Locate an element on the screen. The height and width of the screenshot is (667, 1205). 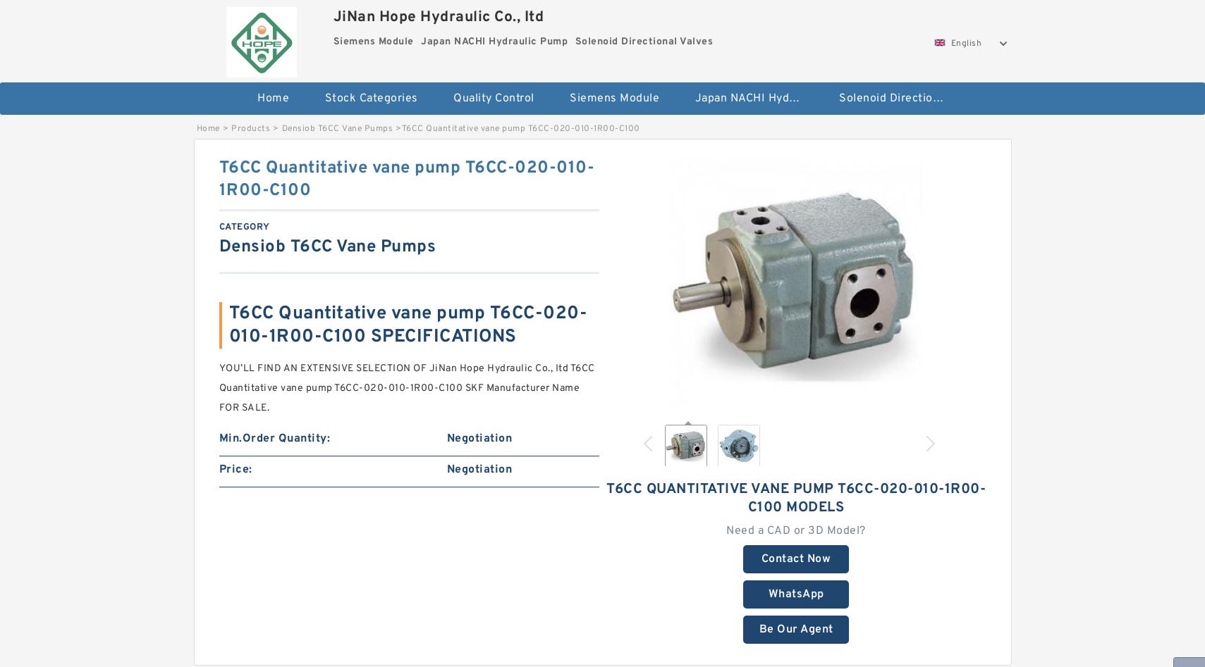
'English' is located at coordinates (965, 44).